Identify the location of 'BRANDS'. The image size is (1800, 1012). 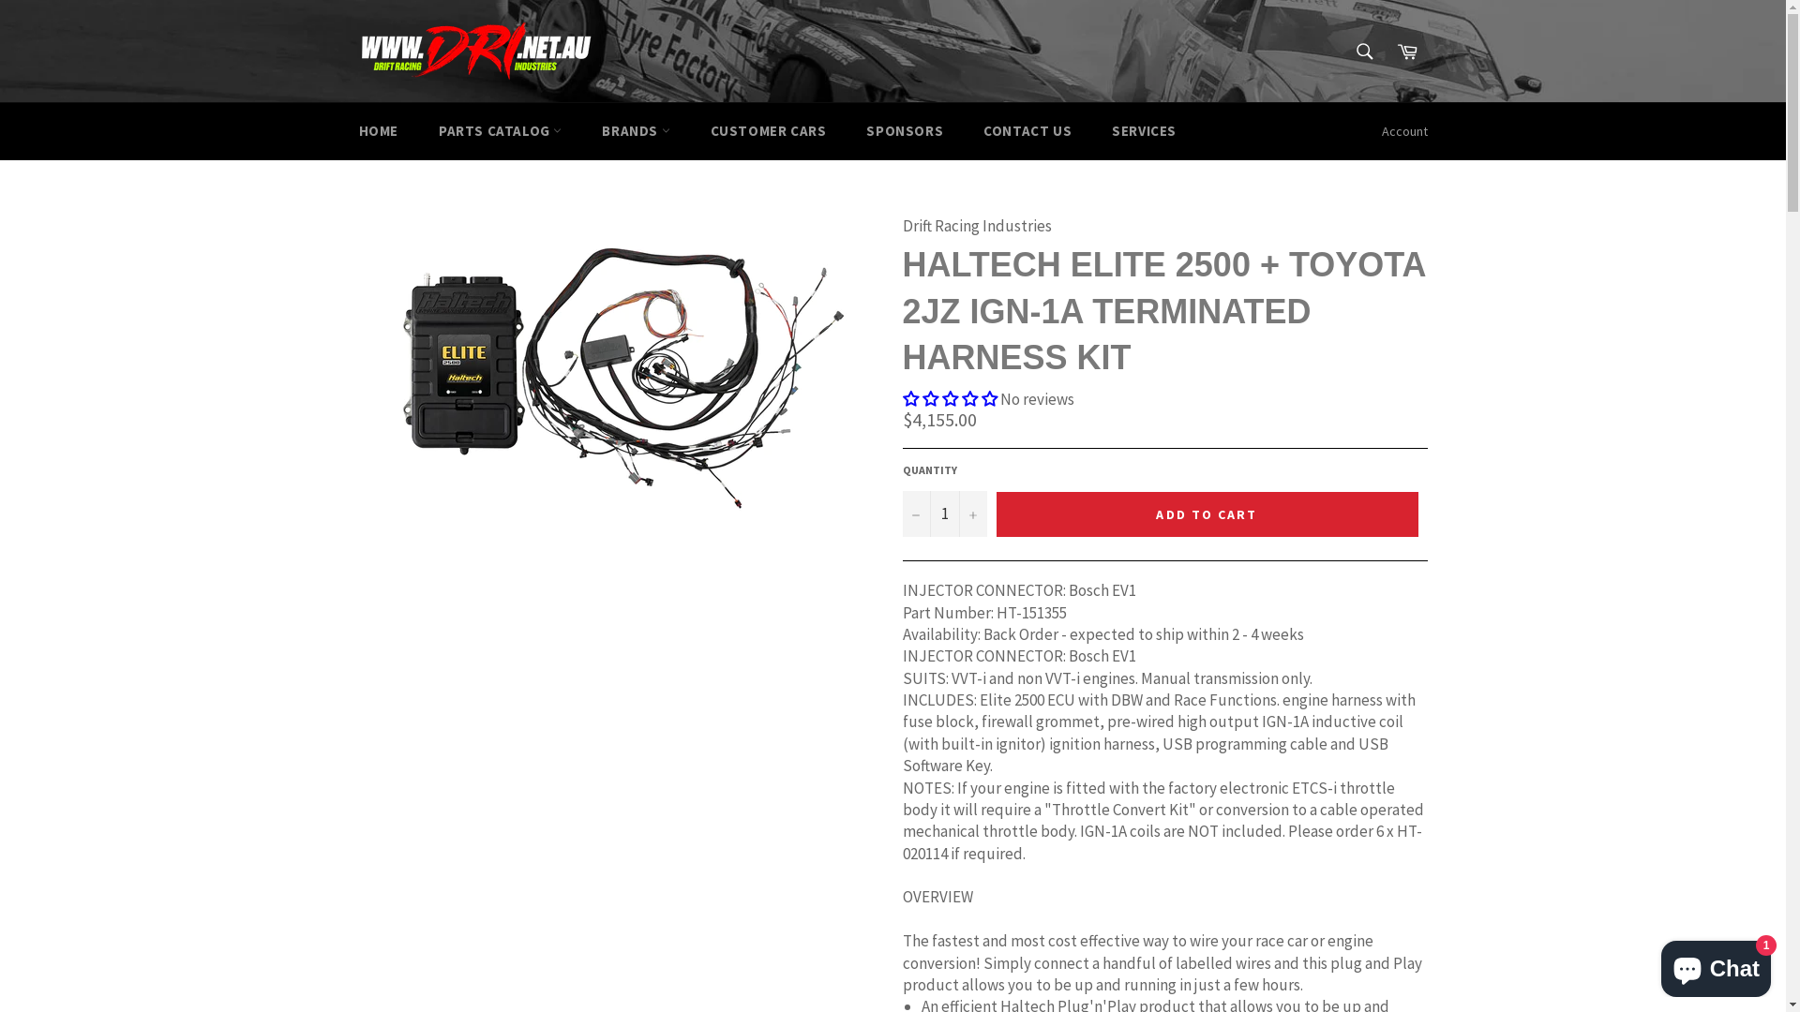
(635, 130).